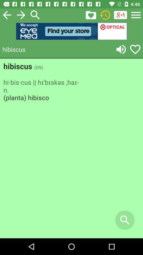 This screenshot has width=143, height=255. Describe the element at coordinates (71, 31) in the screenshot. I see `advertisement bar` at that location.